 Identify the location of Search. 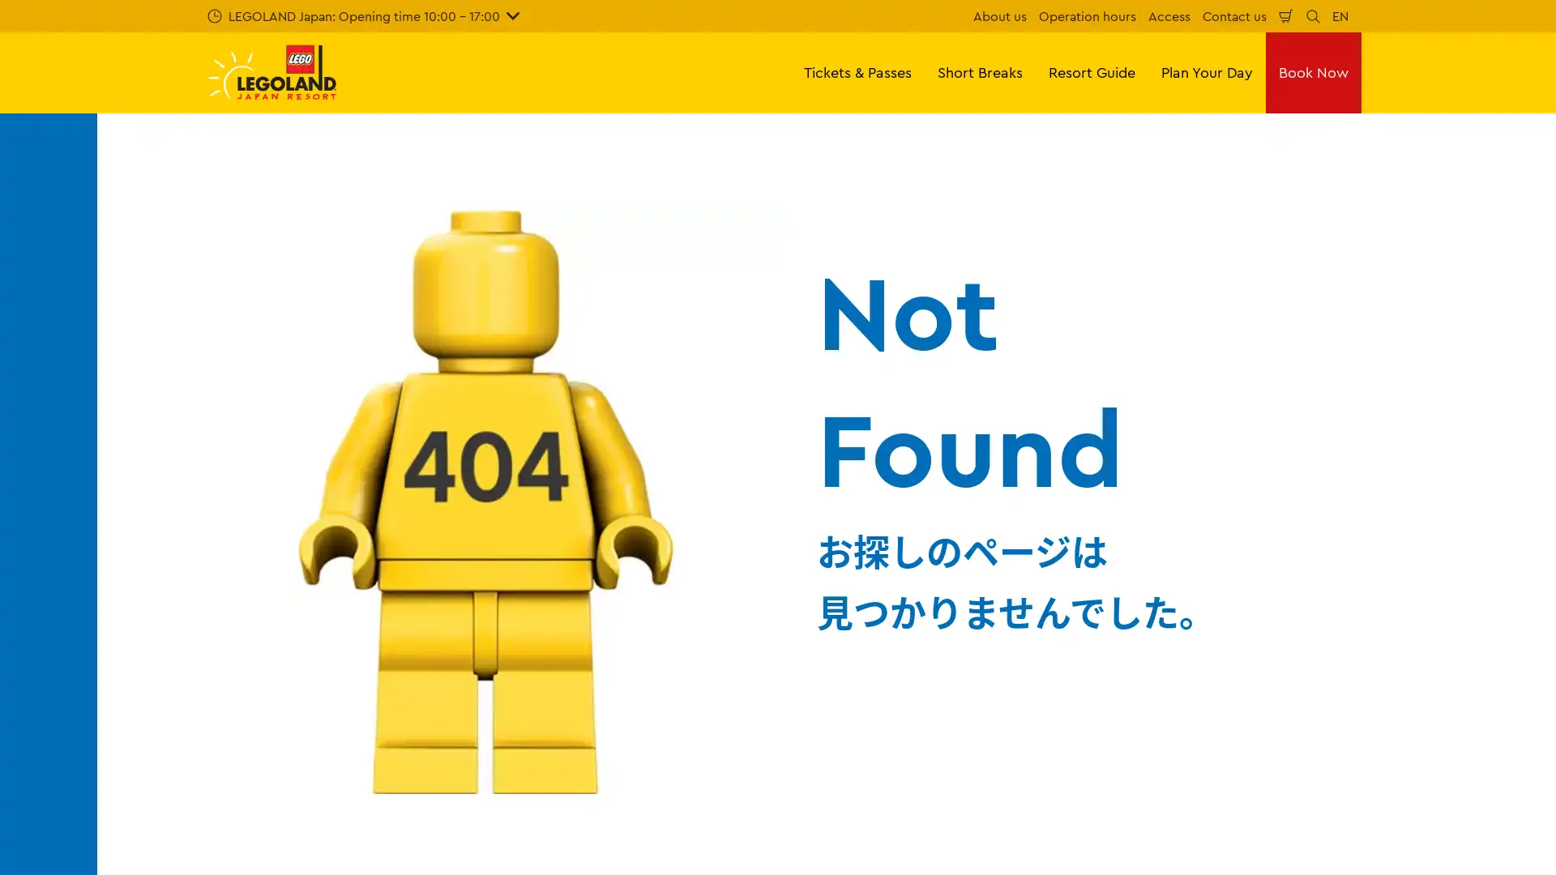
(1313, 15).